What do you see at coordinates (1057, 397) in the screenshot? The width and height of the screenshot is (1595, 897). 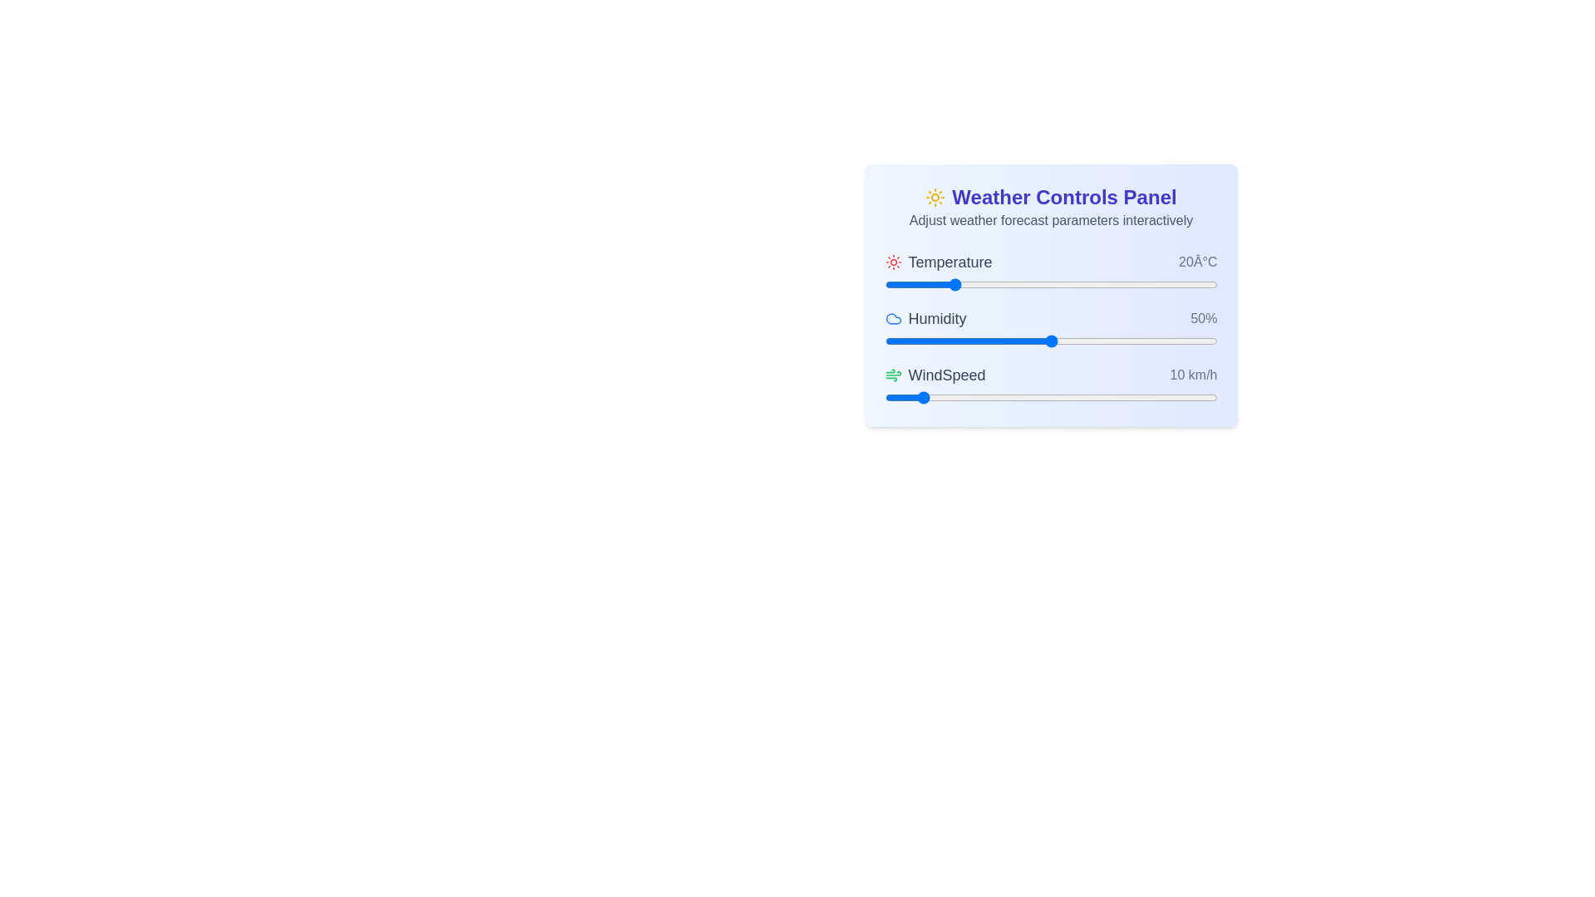 I see `the wind speed slider to set the wind speed to 52 km/h` at bounding box center [1057, 397].